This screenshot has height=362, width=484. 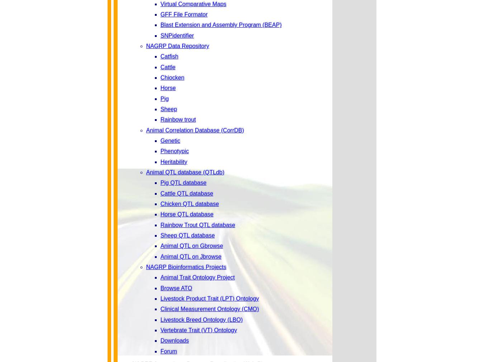 What do you see at coordinates (221, 24) in the screenshot?
I see `'Blast Extension and Assembly Program (BEAP)'` at bounding box center [221, 24].